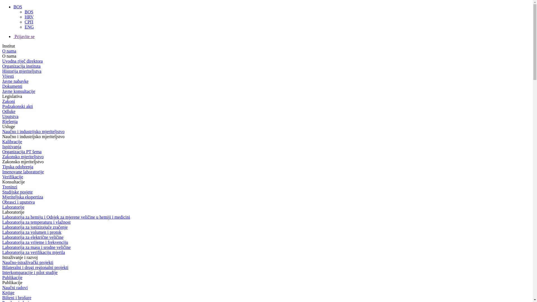  Describe the element at coordinates (23, 171) in the screenshot. I see `'Imenovane laboratorije'` at that location.